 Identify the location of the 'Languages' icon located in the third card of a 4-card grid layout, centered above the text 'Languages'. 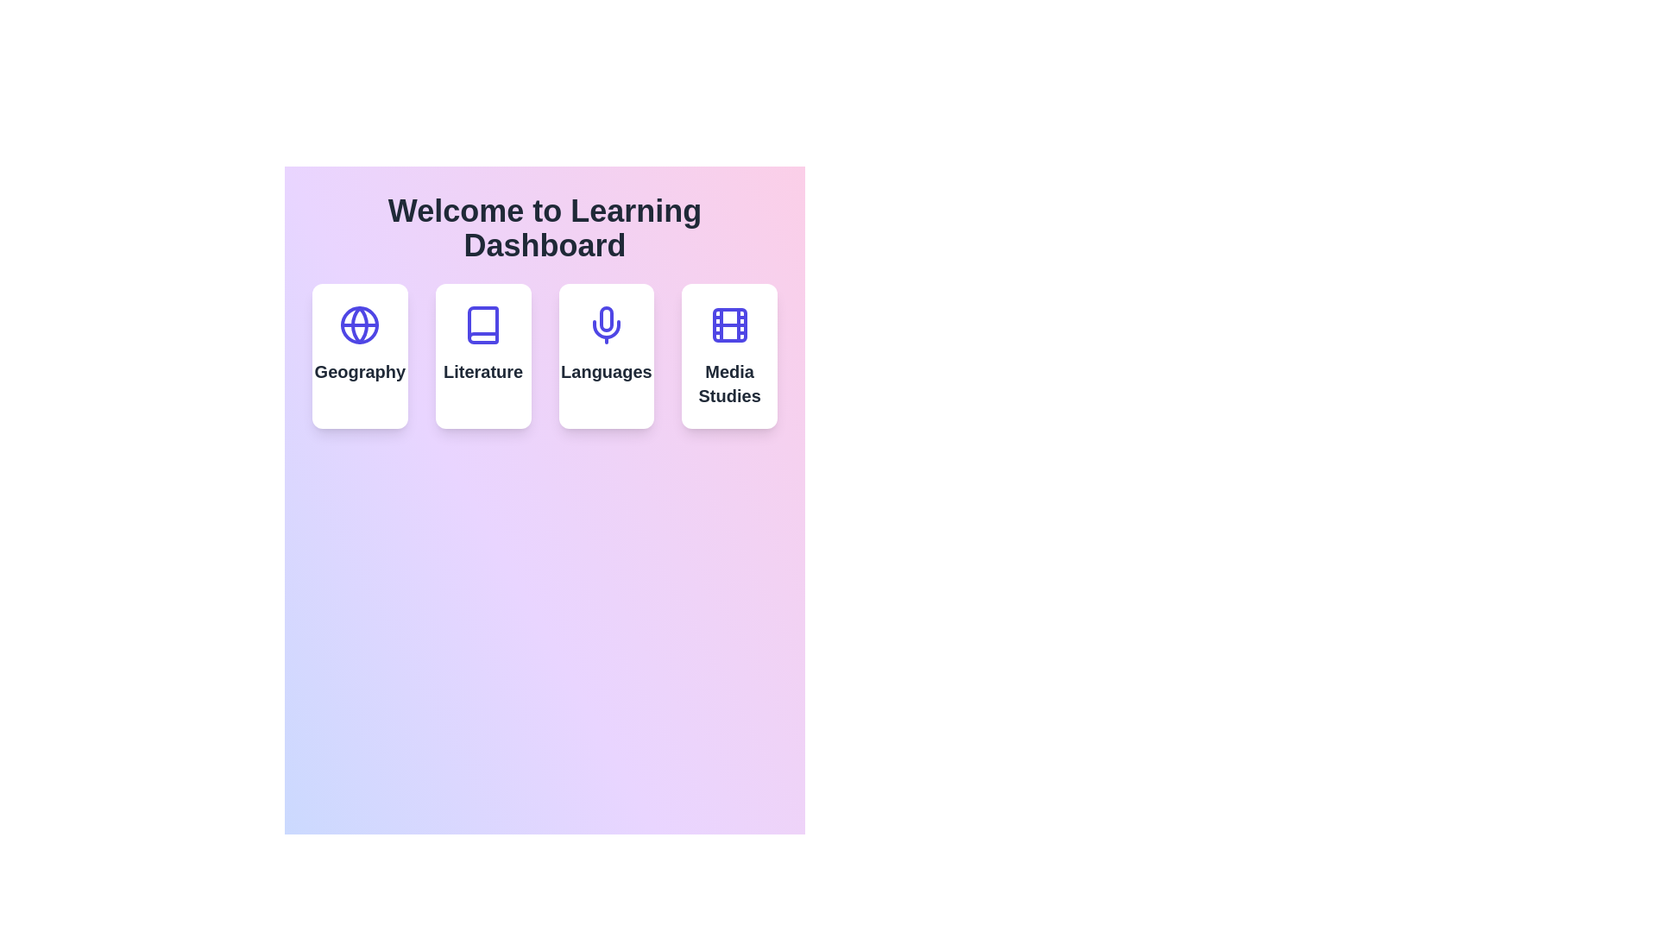
(606, 325).